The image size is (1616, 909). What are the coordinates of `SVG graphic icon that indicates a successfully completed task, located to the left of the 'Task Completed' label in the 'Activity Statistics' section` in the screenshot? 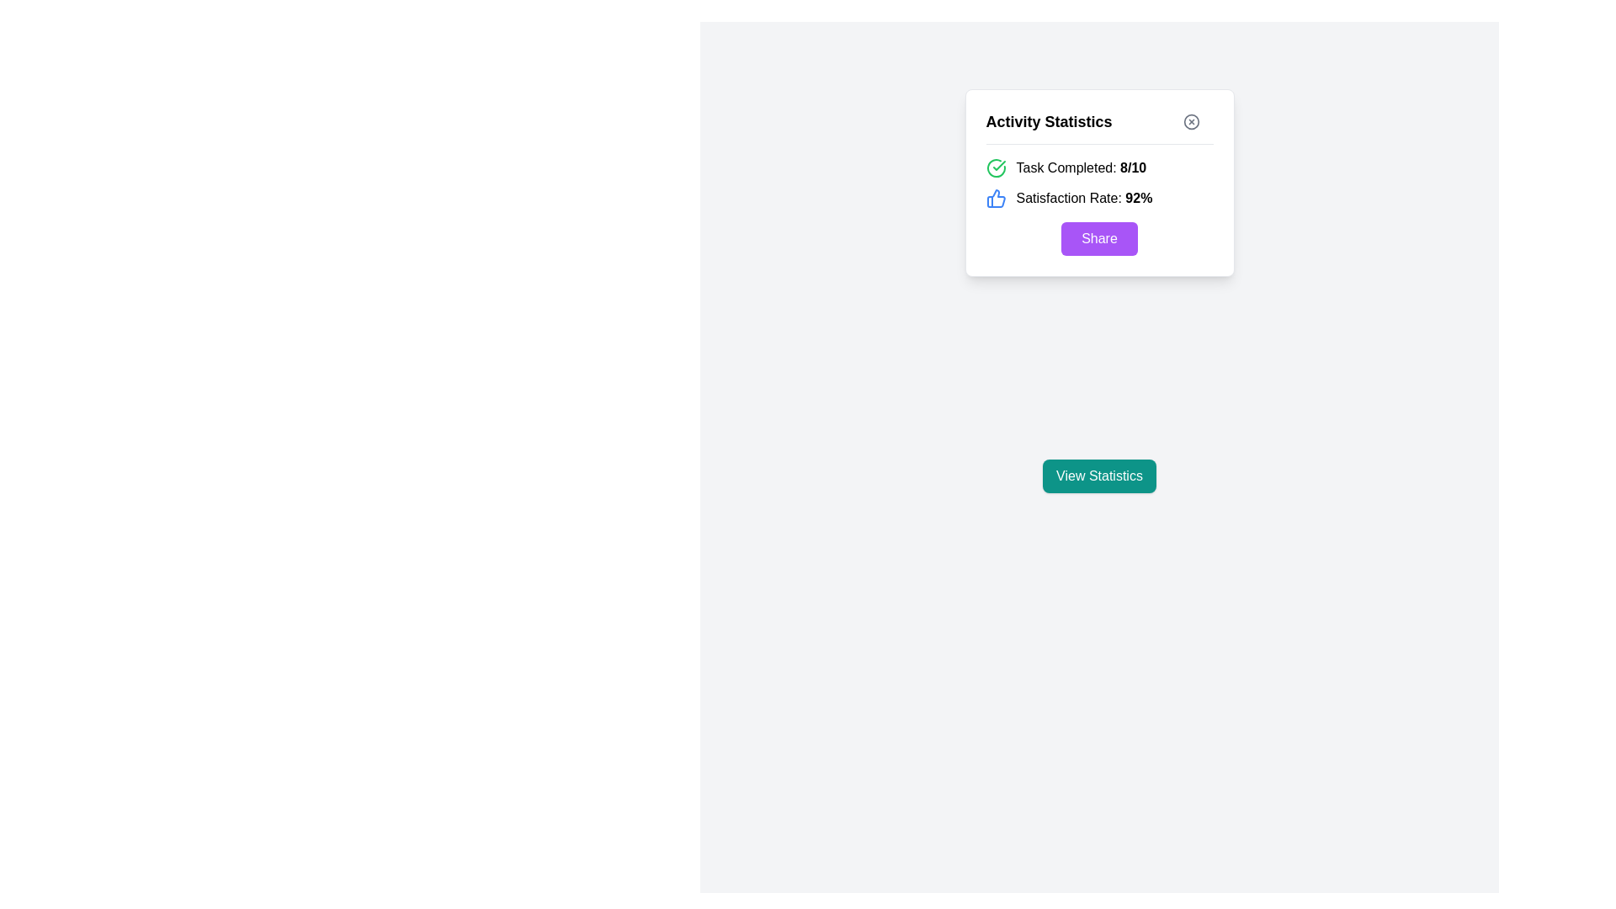 It's located at (998, 165).